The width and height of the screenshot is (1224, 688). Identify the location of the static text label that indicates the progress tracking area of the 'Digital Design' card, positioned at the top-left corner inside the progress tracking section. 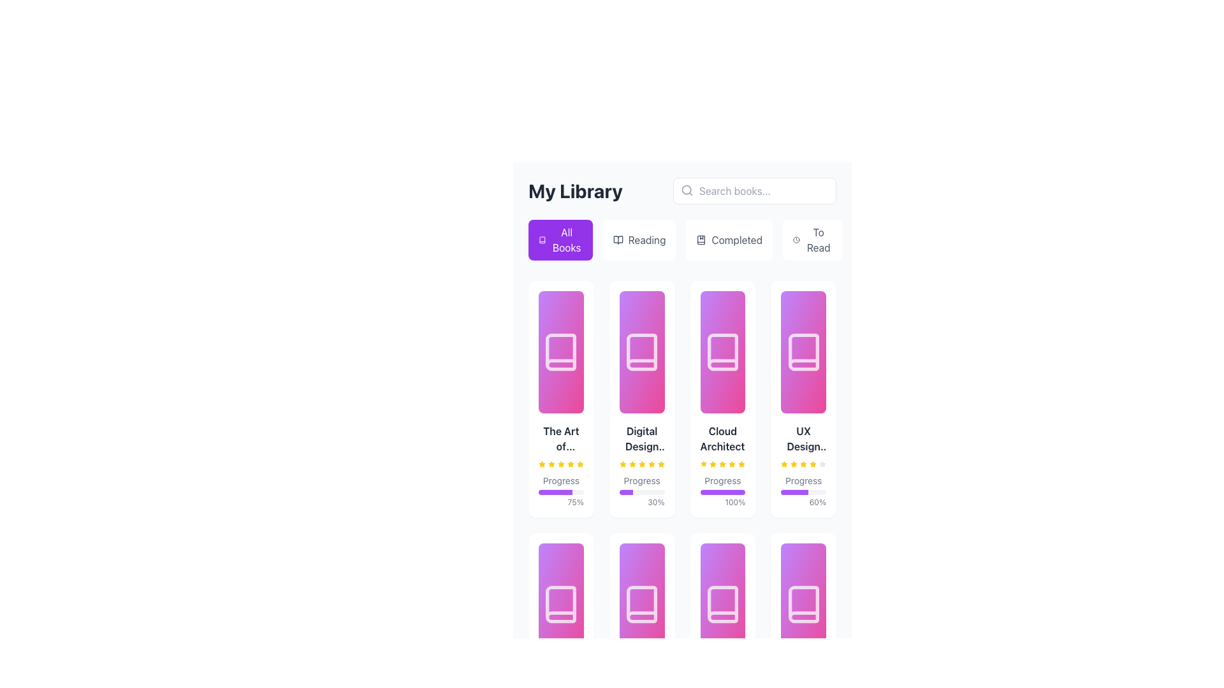
(642, 481).